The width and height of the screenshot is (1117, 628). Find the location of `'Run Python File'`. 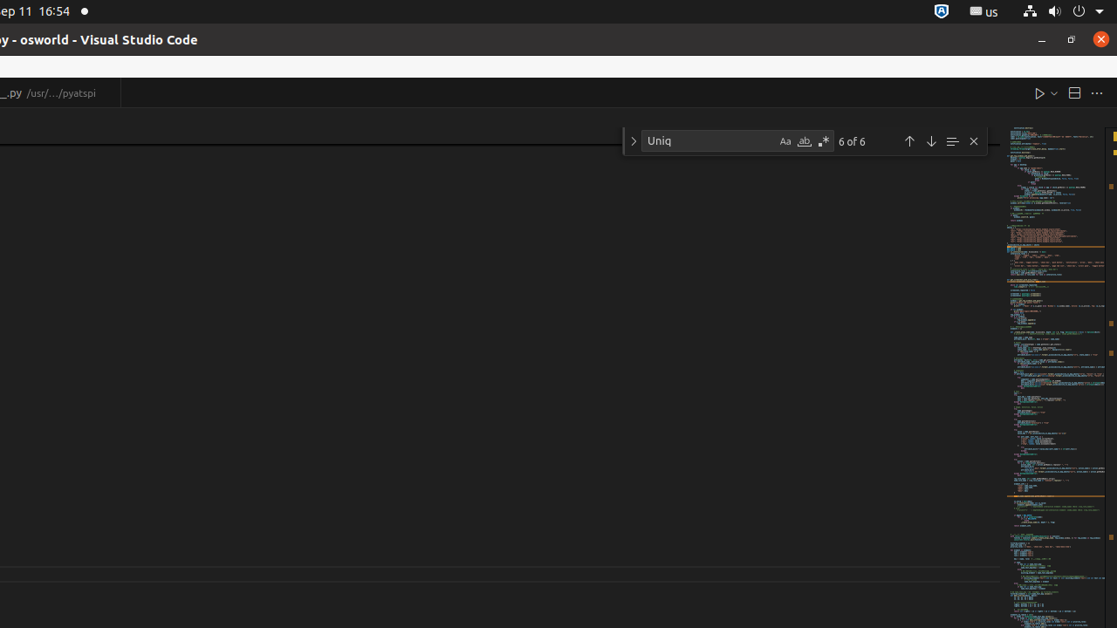

'Run Python File' is located at coordinates (1039, 92).